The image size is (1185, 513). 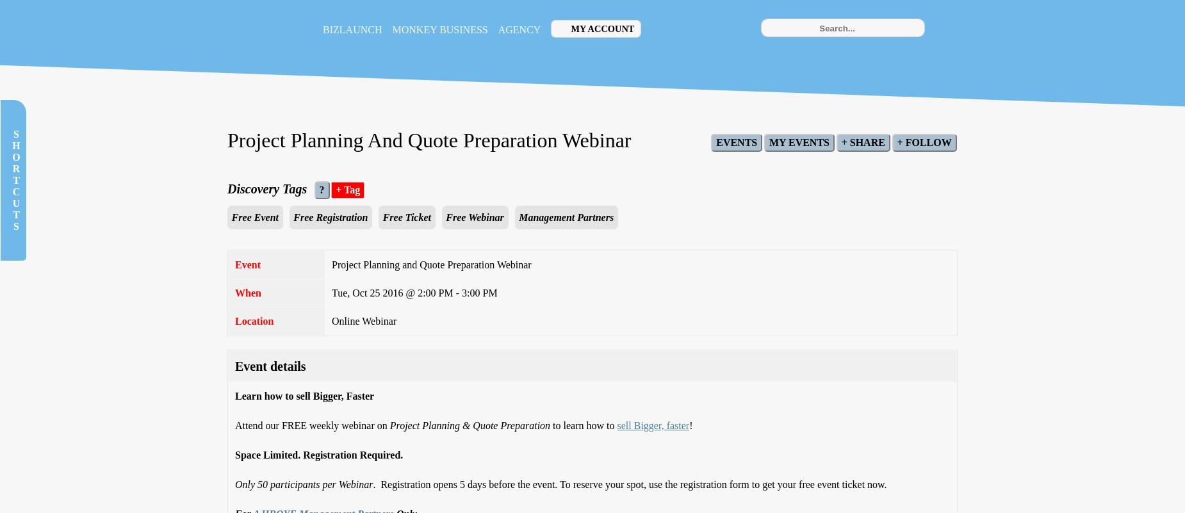 I want to click on 'Discovery Tags', so click(x=266, y=188).